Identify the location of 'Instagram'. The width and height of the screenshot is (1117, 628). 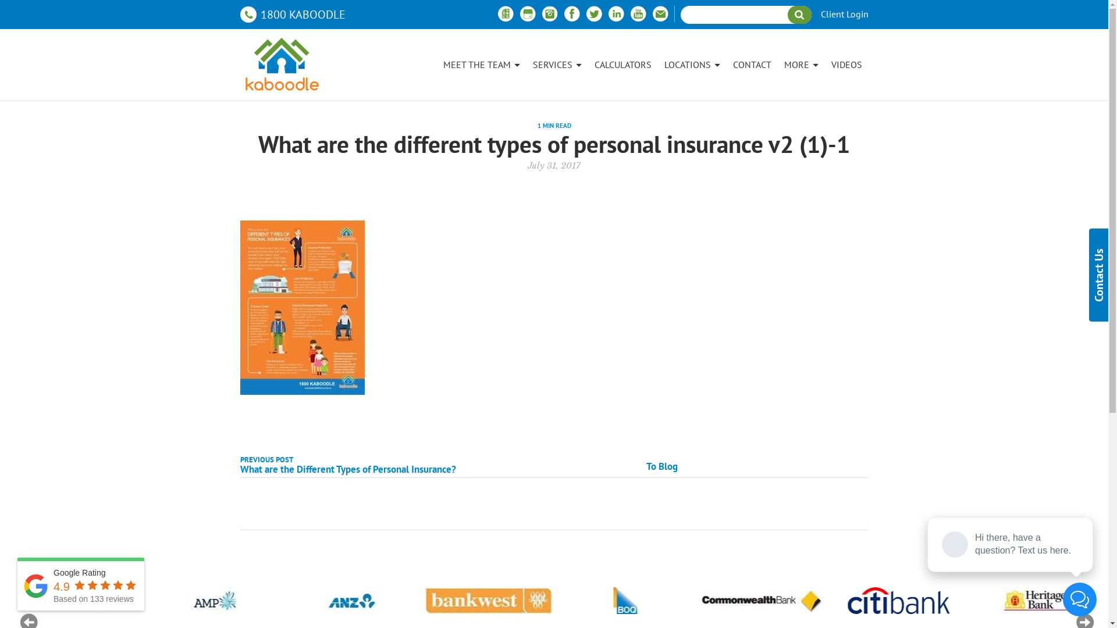
(540, 13).